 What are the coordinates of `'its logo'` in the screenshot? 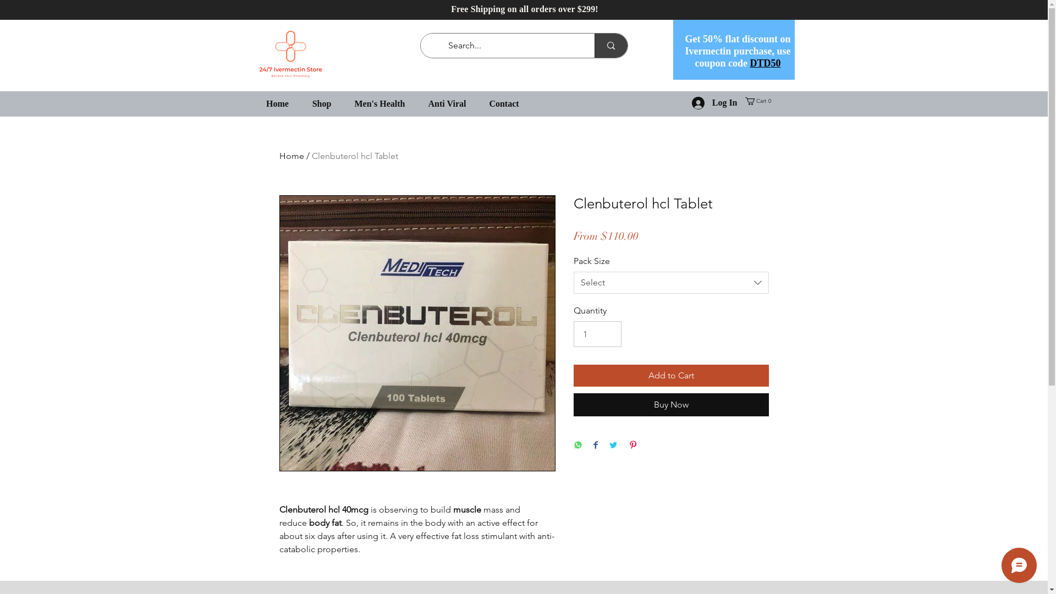 It's located at (290, 54).